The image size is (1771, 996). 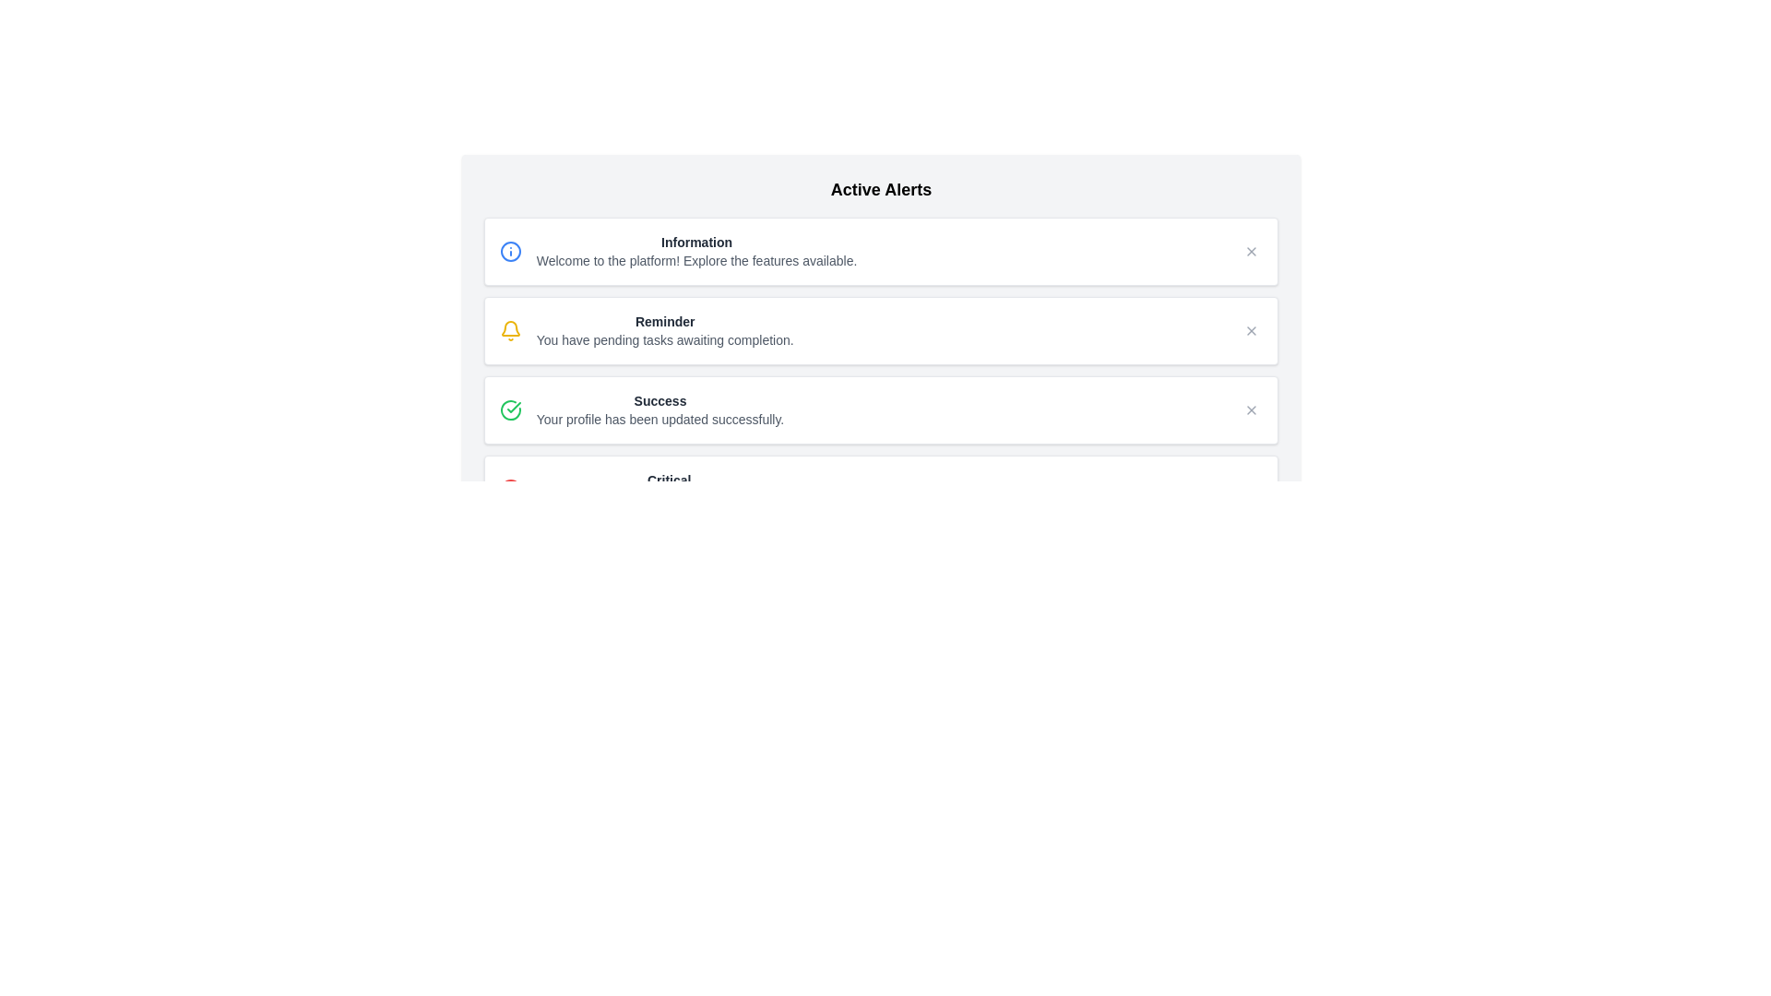 I want to click on the green circular success icon located within the notification labeled 'Success' in a list of alerts, positioned to the left of the text description, so click(x=514, y=407).